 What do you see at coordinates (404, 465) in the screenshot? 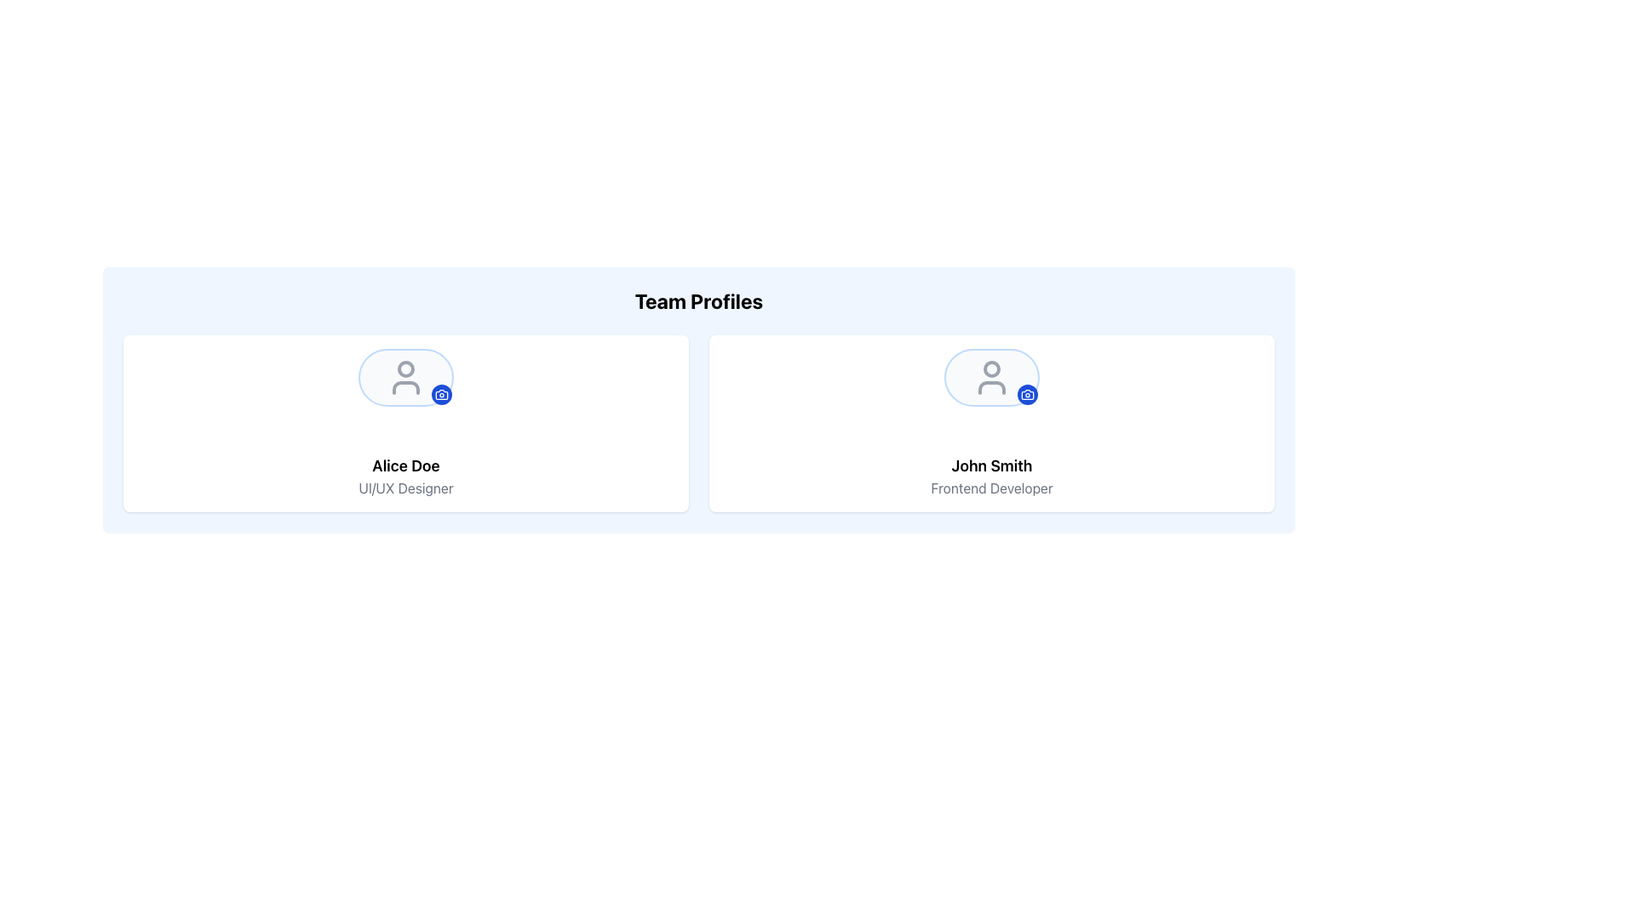
I see `the text label that identifies the individual in the profile card under 'Team Profiles', located above the text 'UI/UX Designer'` at bounding box center [404, 465].